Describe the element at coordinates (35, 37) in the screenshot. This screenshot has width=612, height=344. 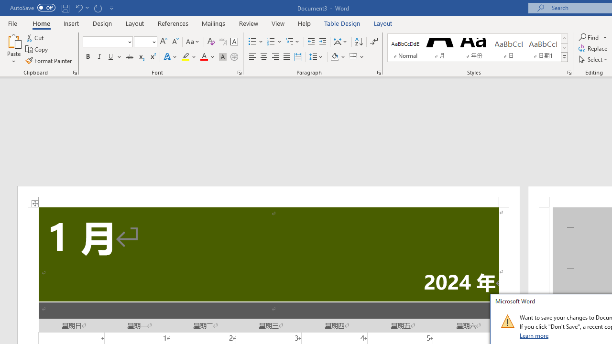
I see `'Cut'` at that location.